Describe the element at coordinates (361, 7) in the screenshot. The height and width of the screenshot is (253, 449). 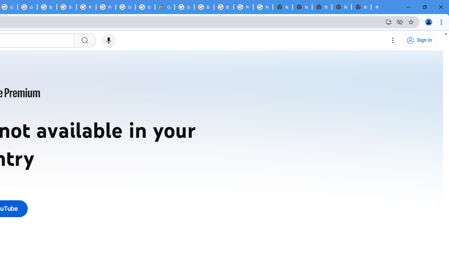
I see `'New Tab'` at that location.